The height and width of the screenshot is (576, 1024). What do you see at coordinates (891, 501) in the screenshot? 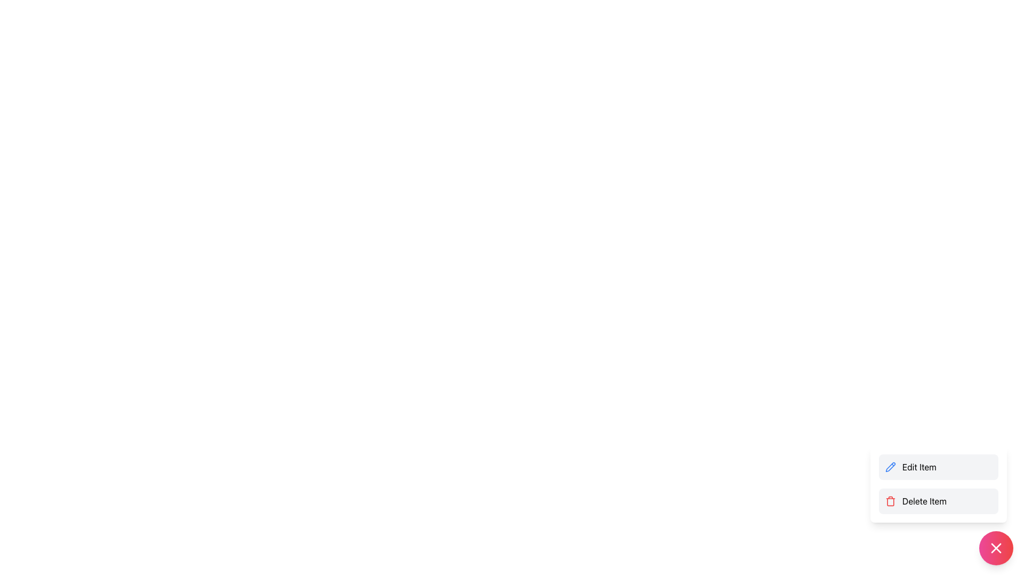
I see `the delete icon located to the left of the text 'Delete Item' in the lower part of the vertical layout` at bounding box center [891, 501].